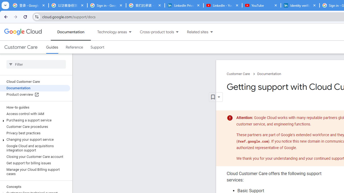 Image resolution: width=344 pixels, height=193 pixels. I want to click on 'Cross-product tools', so click(153, 32).